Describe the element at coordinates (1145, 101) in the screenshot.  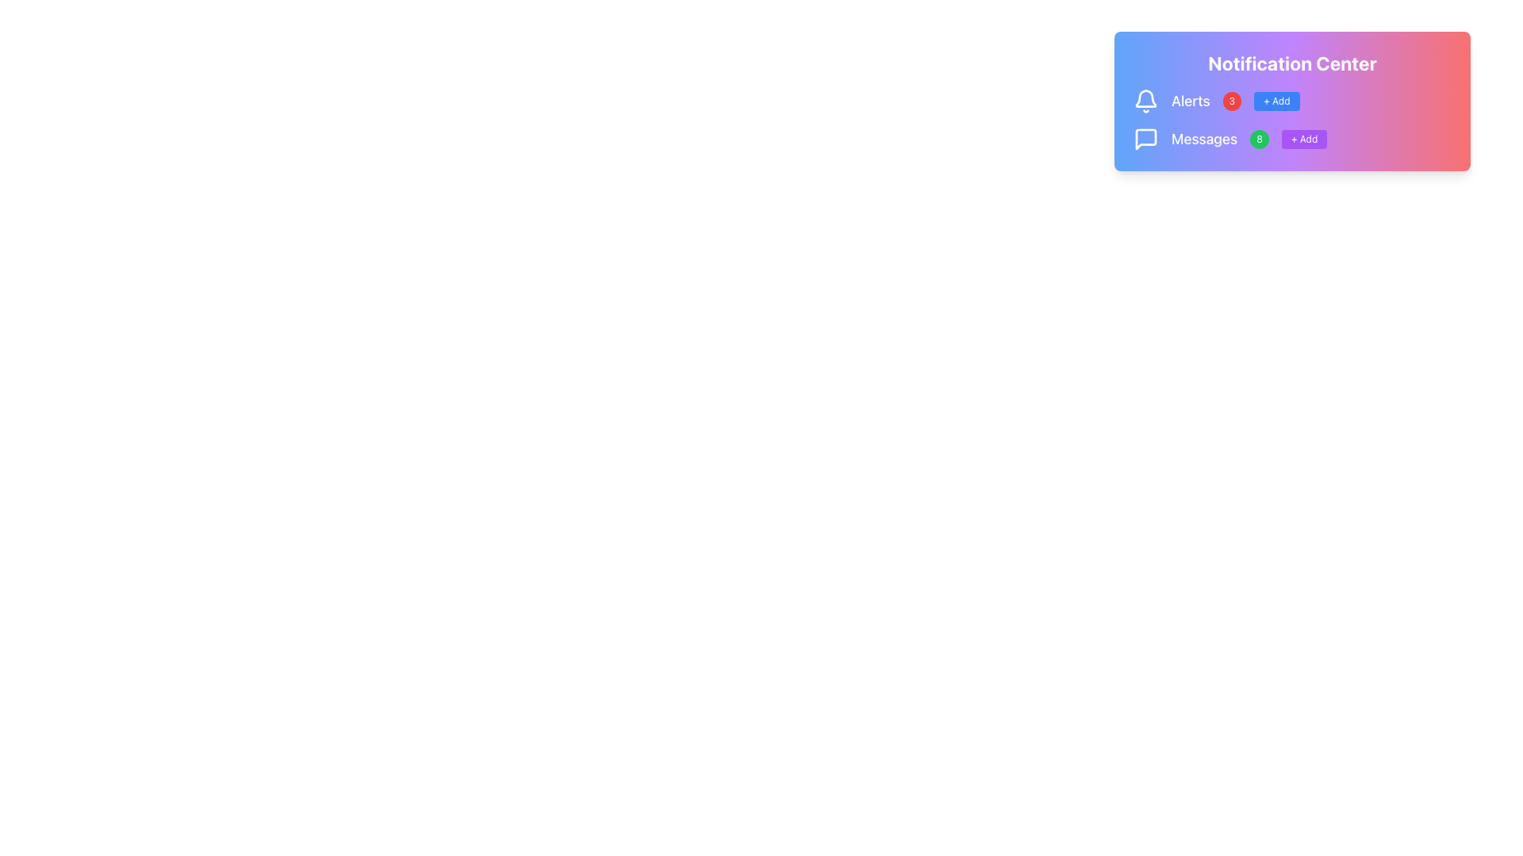
I see `the bell-shaped icon located on the left side of the 'Alerts' section within the 'Notification Center' panel, which is the leftmost icon in the 'Alerts' row and next to the 'Alerts' label` at that location.